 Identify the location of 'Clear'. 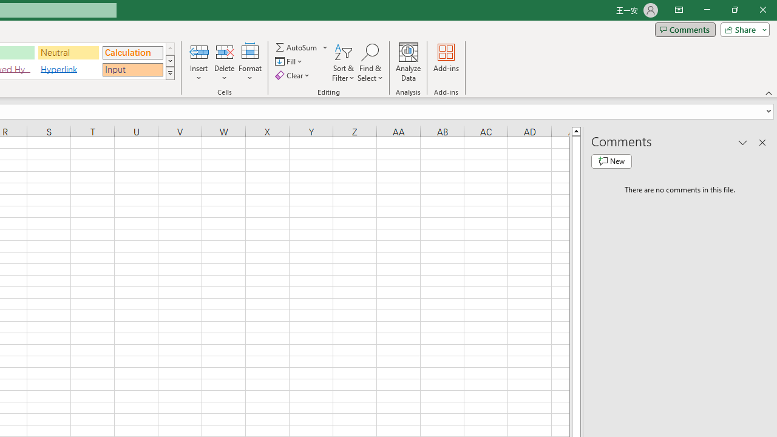
(293, 75).